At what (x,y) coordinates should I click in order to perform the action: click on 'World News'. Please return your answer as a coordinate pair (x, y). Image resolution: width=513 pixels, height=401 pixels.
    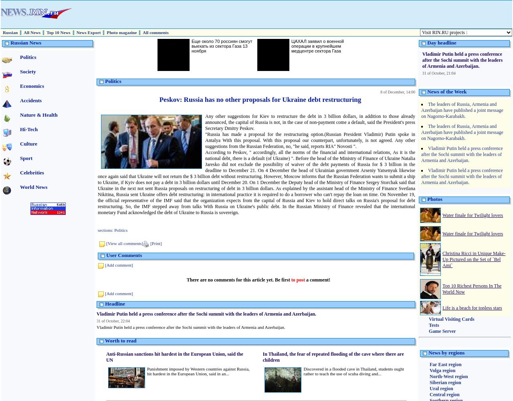
    Looking at the image, I should click on (20, 186).